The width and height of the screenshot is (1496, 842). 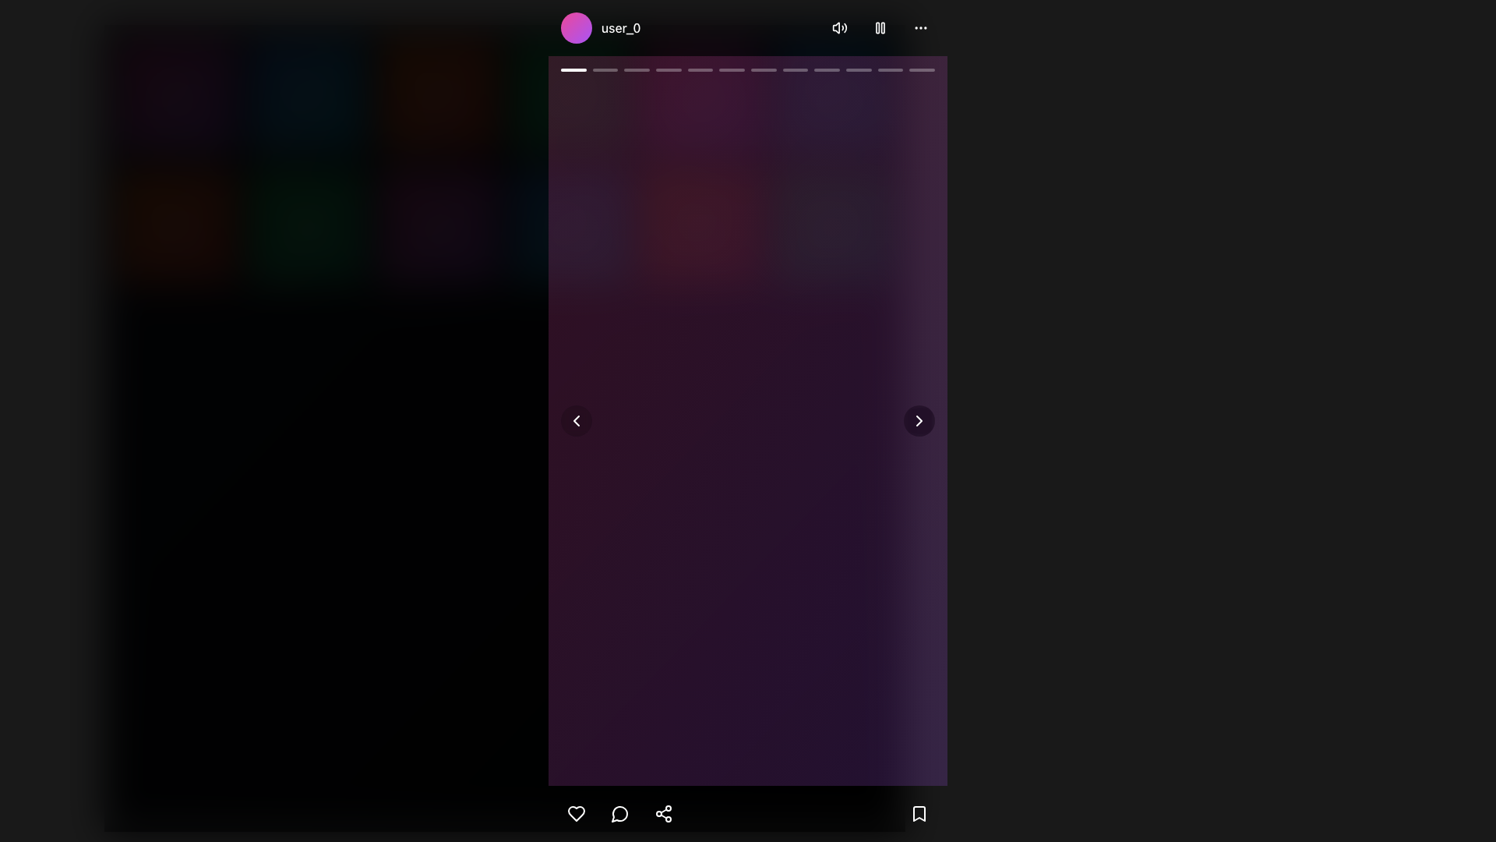 What do you see at coordinates (575, 813) in the screenshot?
I see `the heart icon button, which has a white outline over a black background, to like the content` at bounding box center [575, 813].